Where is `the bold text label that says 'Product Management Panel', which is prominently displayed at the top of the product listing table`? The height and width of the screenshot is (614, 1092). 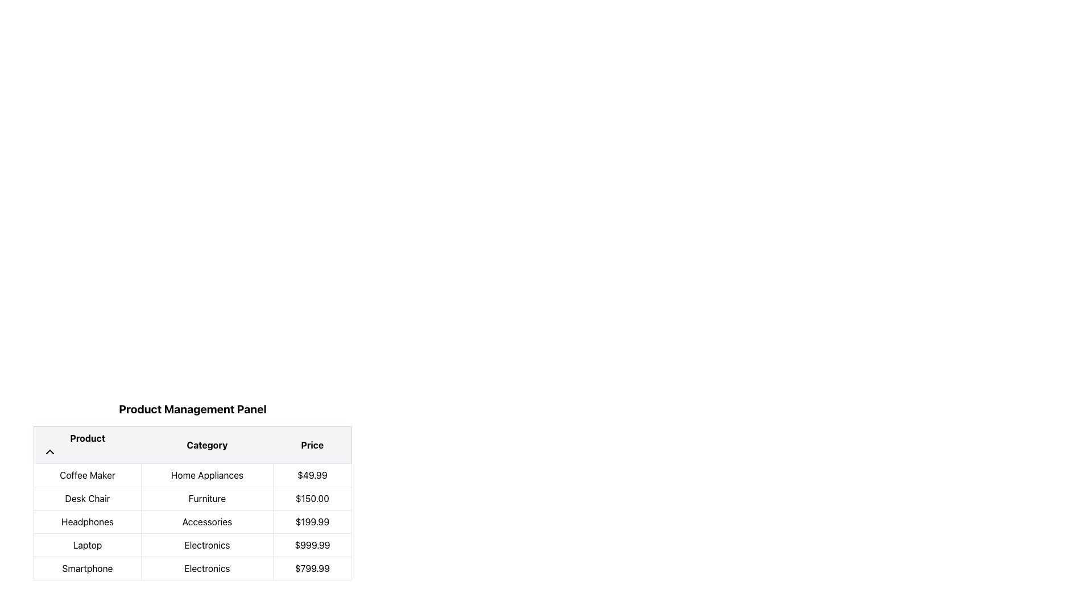 the bold text label that says 'Product Management Panel', which is prominently displayed at the top of the product listing table is located at coordinates (193, 409).